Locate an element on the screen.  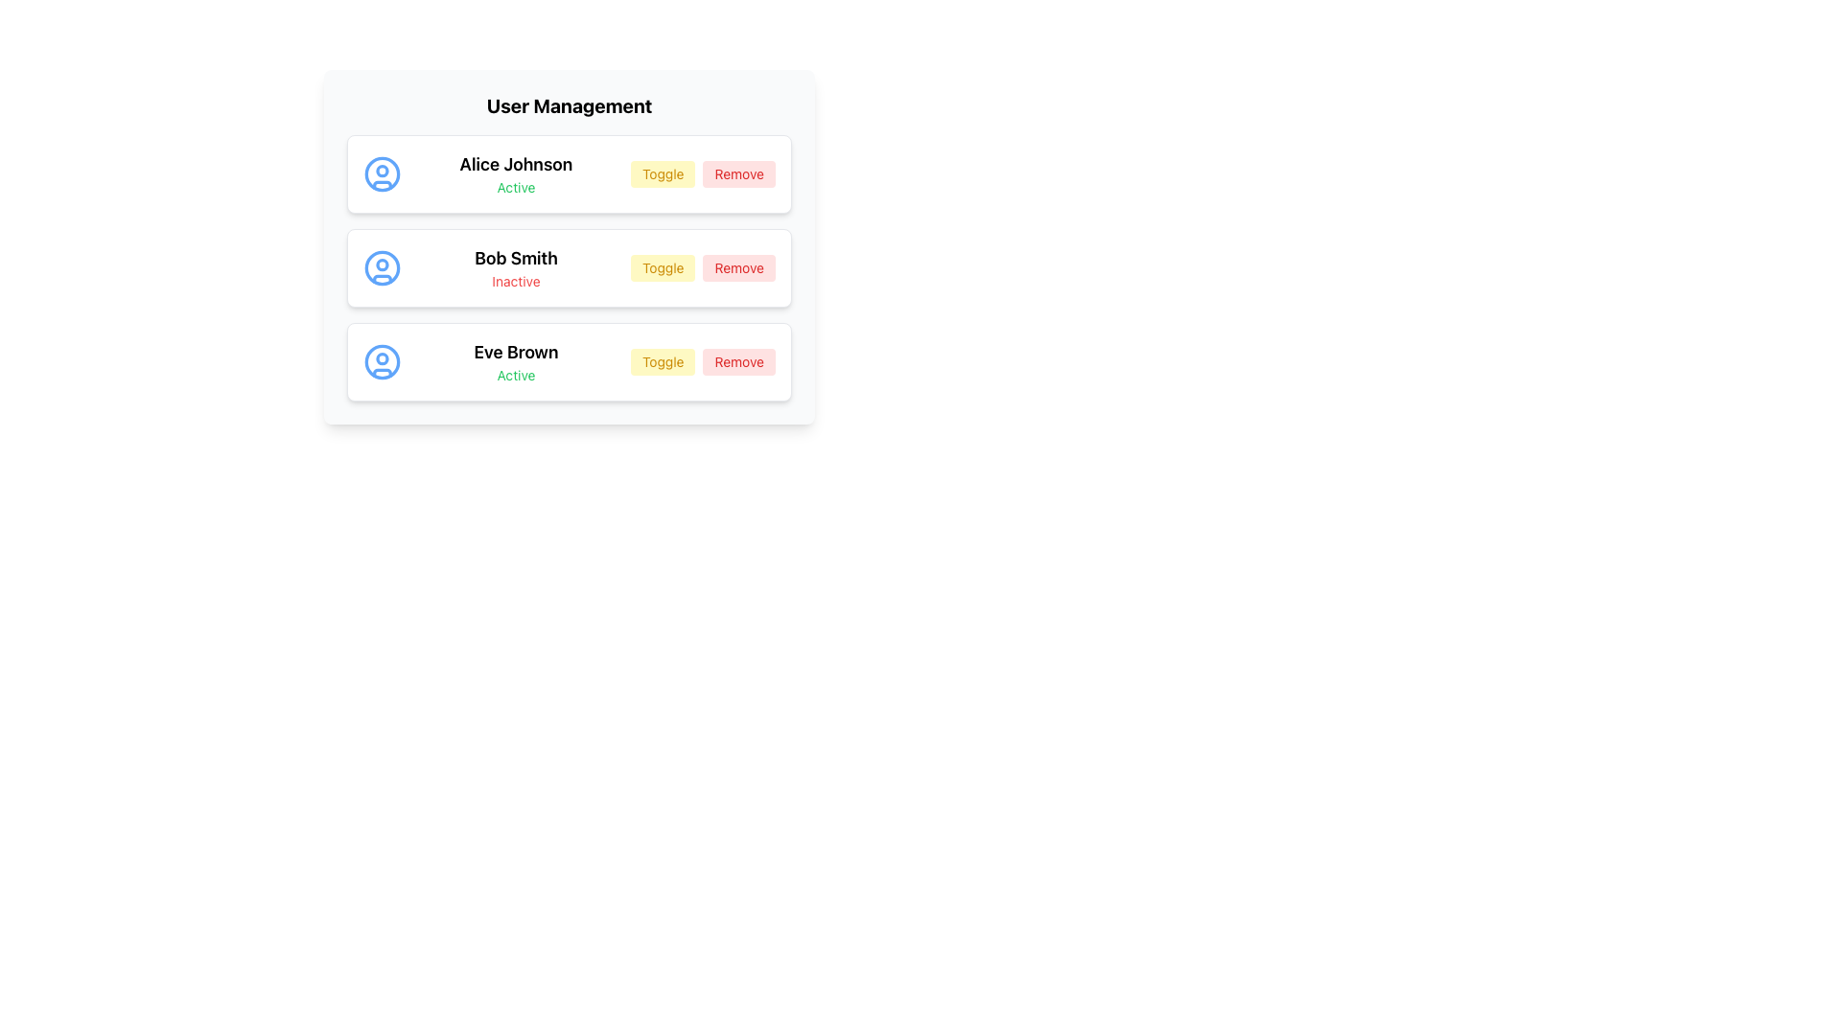
keyboard navigation is located at coordinates (738, 362).